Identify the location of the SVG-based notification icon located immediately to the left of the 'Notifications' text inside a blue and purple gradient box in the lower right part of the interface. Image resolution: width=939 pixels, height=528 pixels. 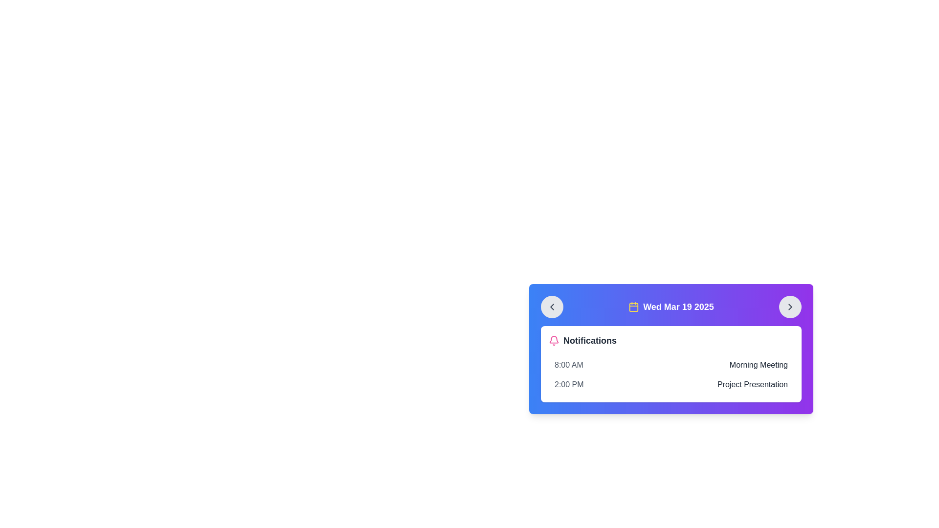
(554, 340).